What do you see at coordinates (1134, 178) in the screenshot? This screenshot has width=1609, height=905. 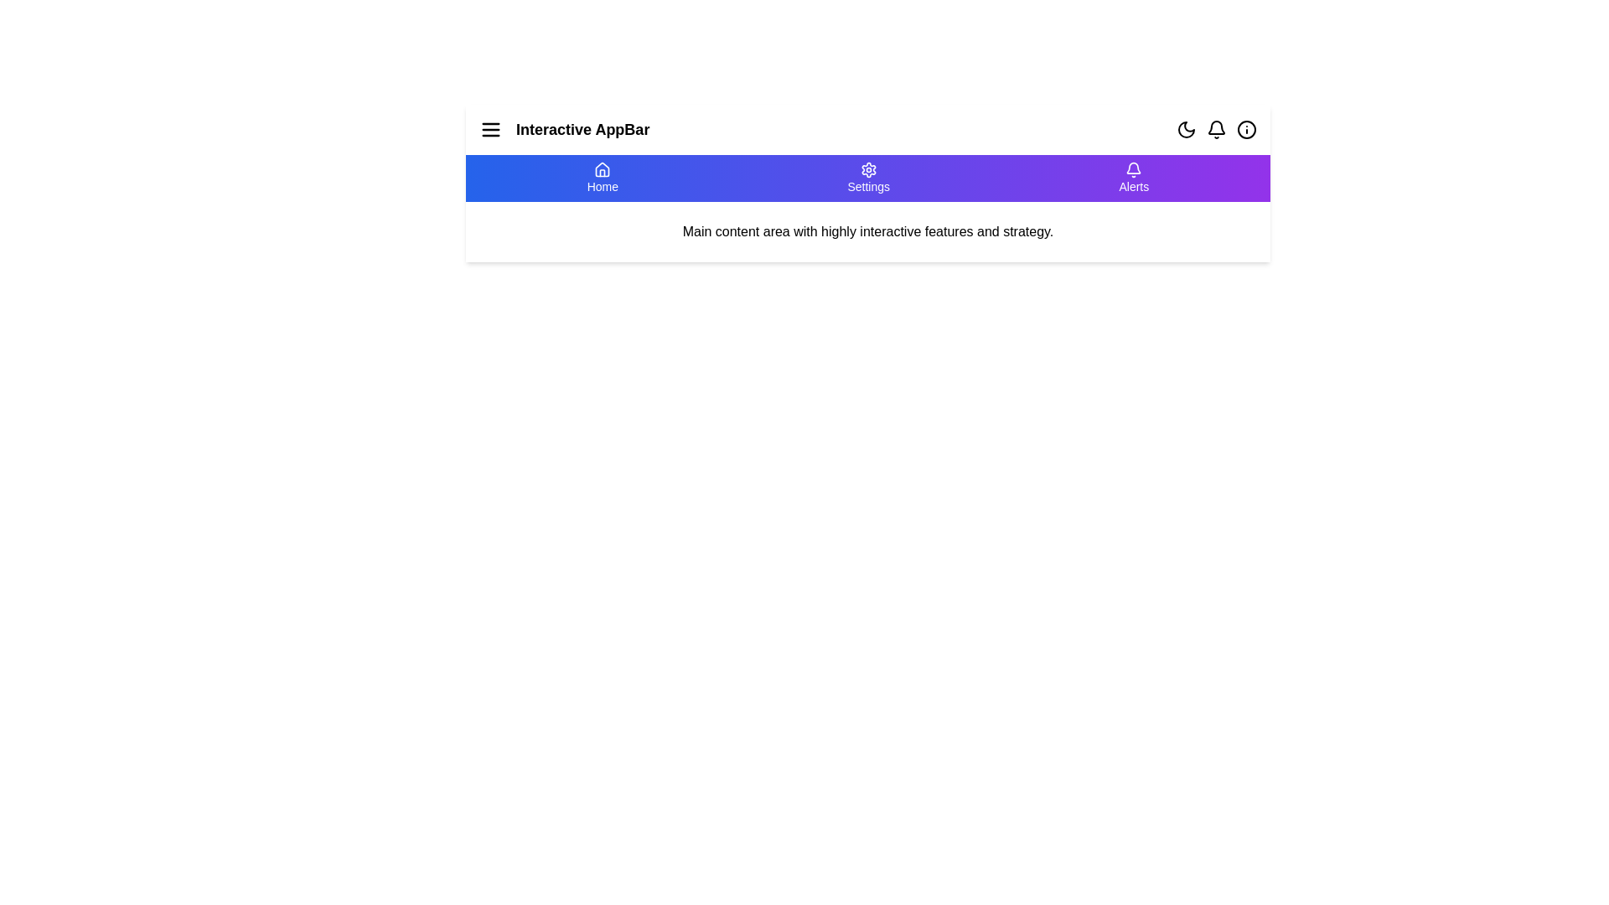 I see `the 'Alerts' button in the navigation bar` at bounding box center [1134, 178].